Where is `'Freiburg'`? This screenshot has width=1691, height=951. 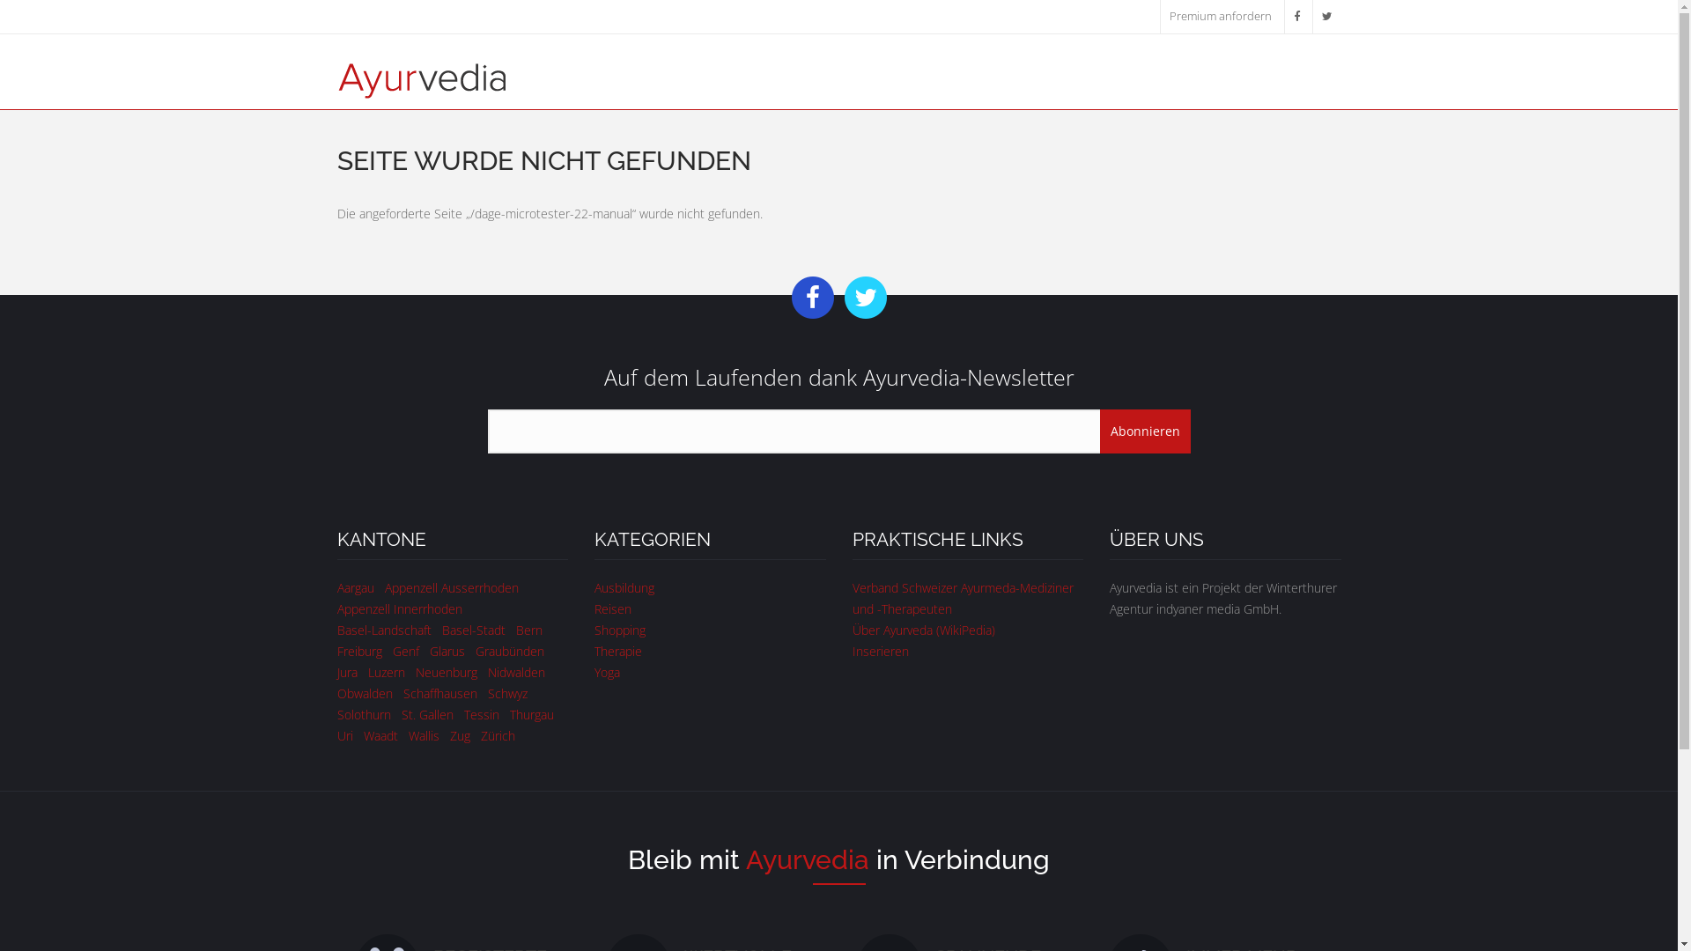
'Freiburg' is located at coordinates (358, 651).